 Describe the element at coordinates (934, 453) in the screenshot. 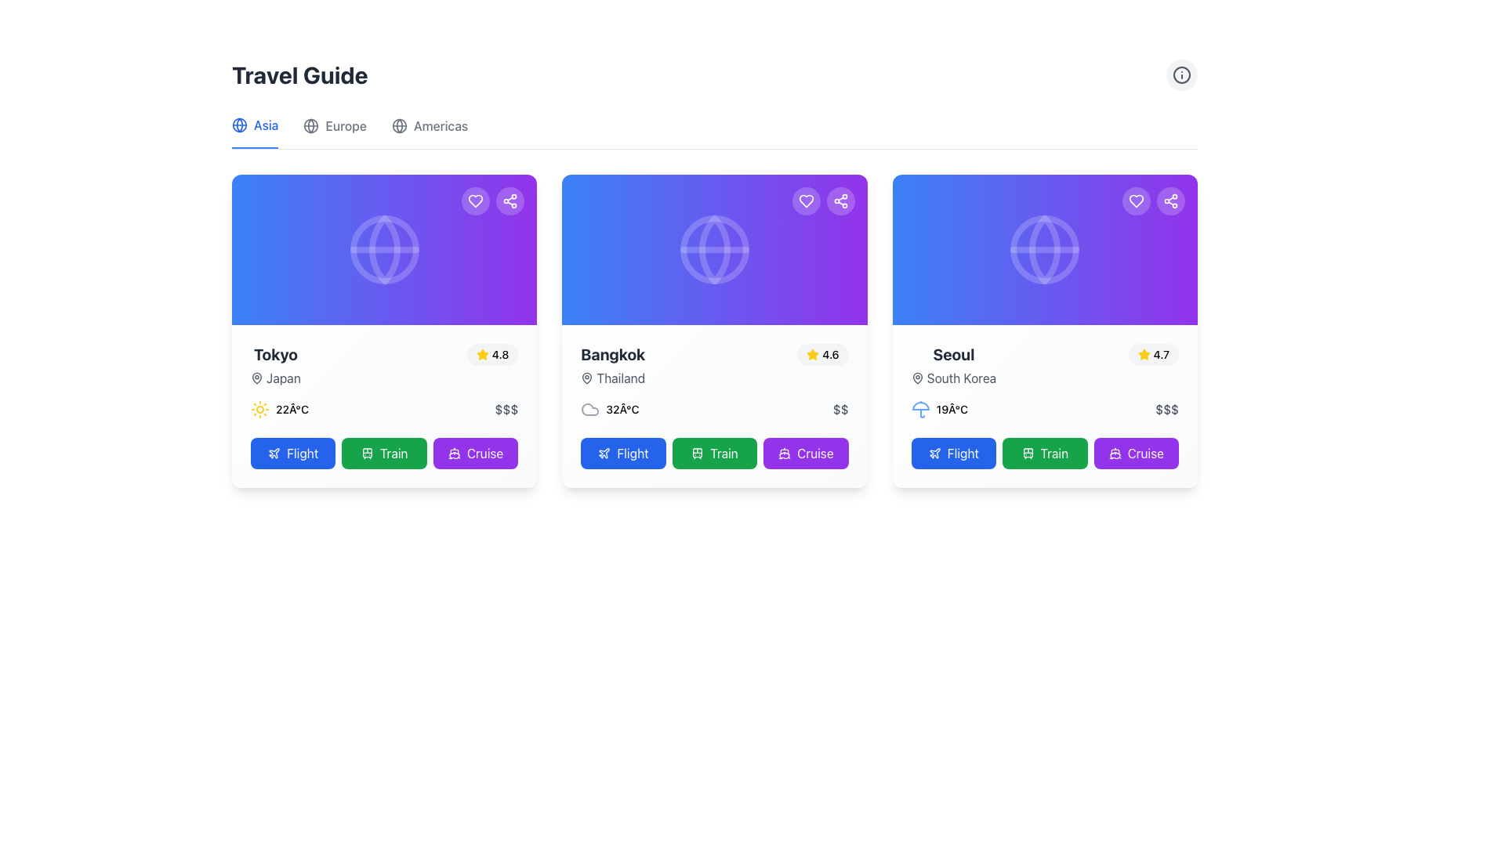

I see `the airplane vector graphic icon` at that location.